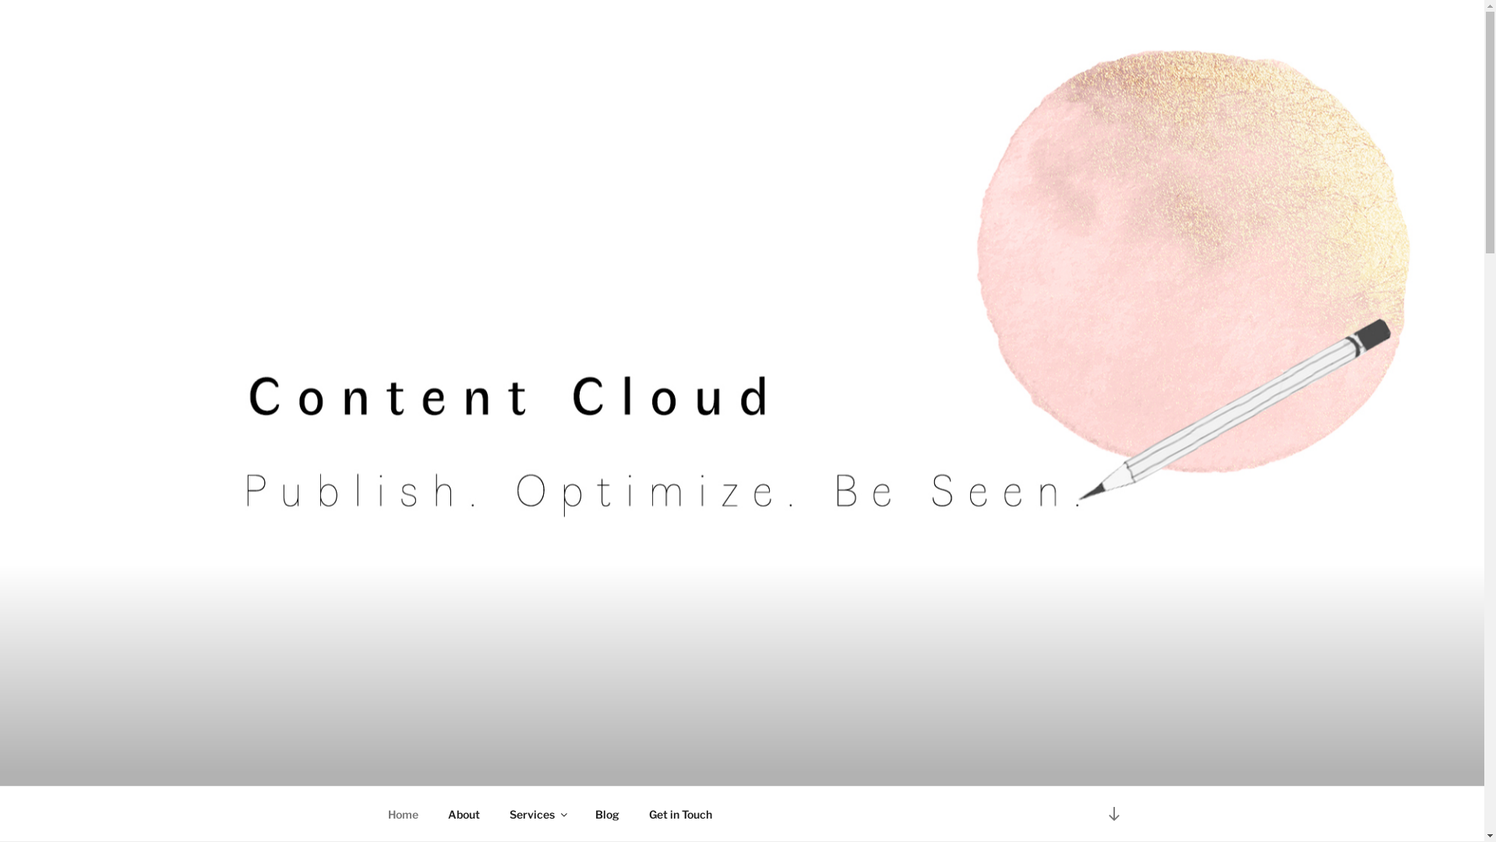 This screenshot has width=1496, height=842. I want to click on 'About', so click(463, 813).